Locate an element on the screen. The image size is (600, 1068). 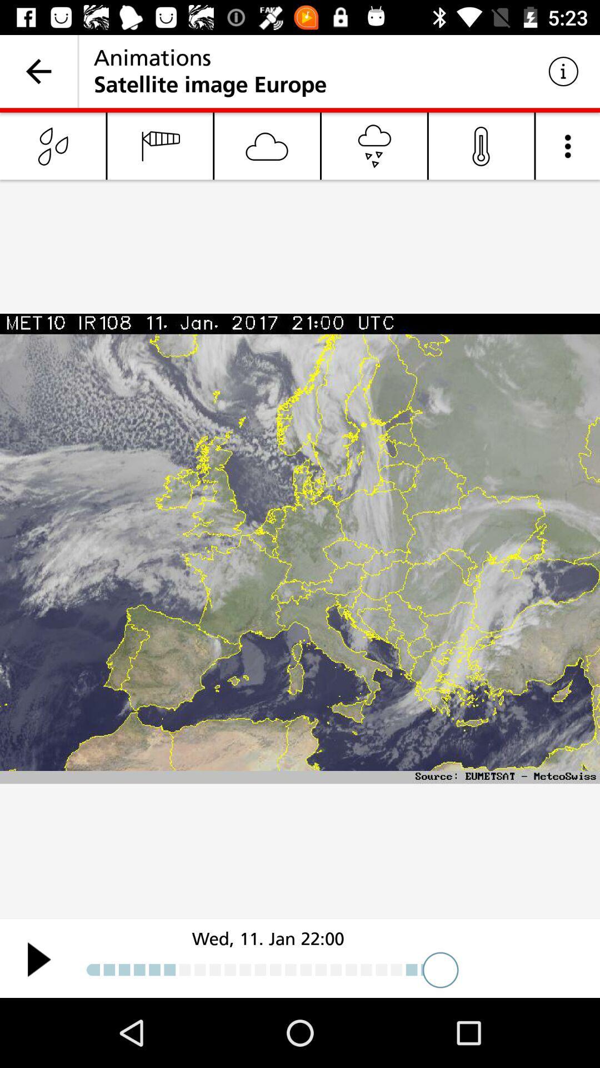
this button is used to find a some other hidden options is located at coordinates (568, 145).